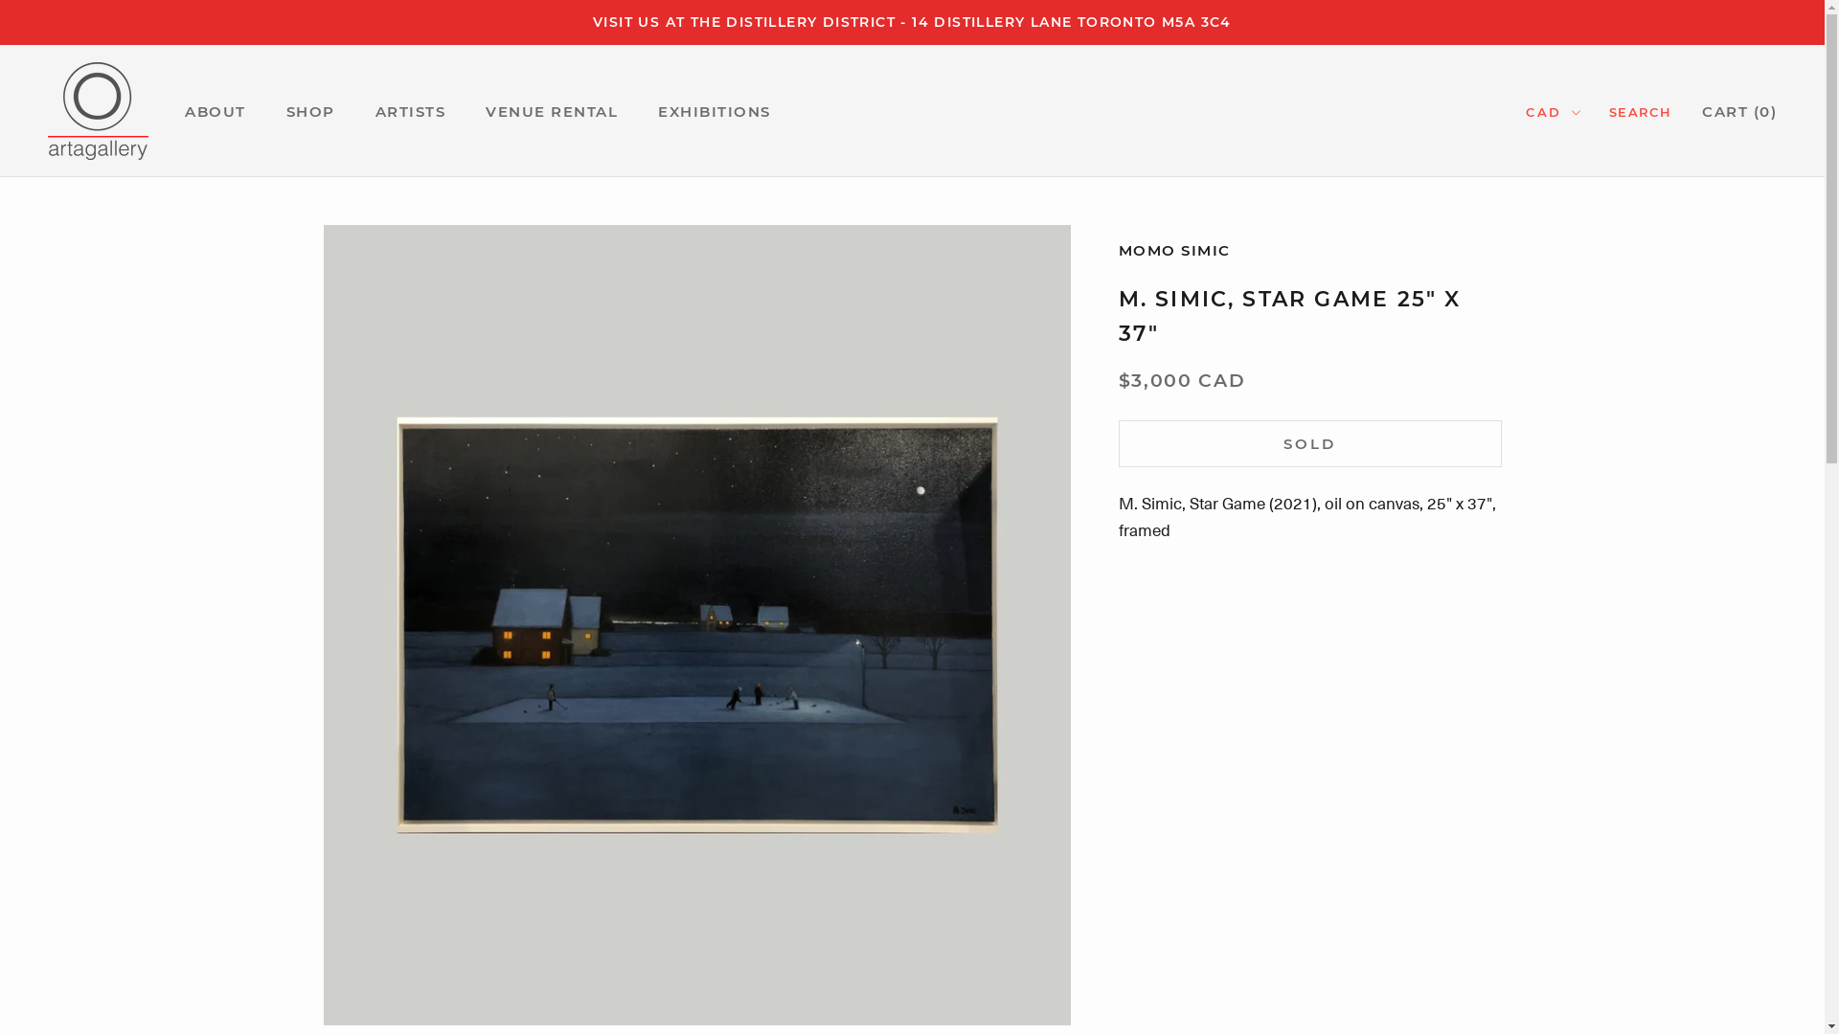  What do you see at coordinates (216, 111) in the screenshot?
I see `'ABOUT'` at bounding box center [216, 111].